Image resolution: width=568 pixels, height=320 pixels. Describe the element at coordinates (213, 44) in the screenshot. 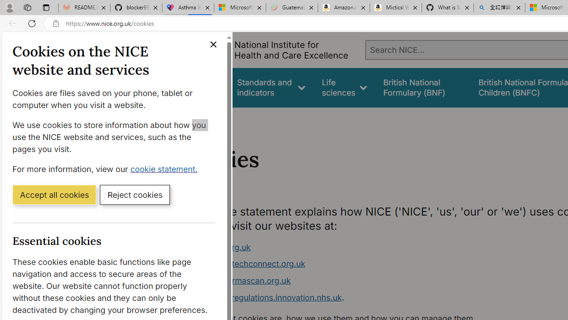

I see `'Close cookie banner'` at that location.